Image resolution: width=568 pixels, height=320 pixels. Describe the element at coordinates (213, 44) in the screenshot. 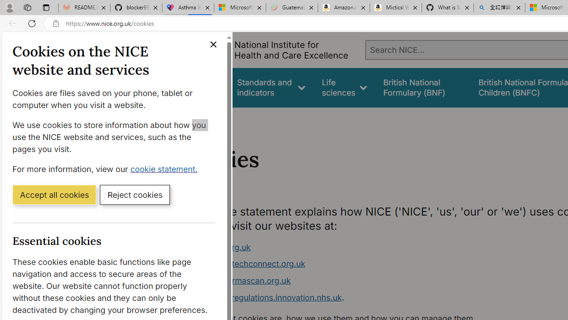

I see `'Close cookie banner'` at that location.